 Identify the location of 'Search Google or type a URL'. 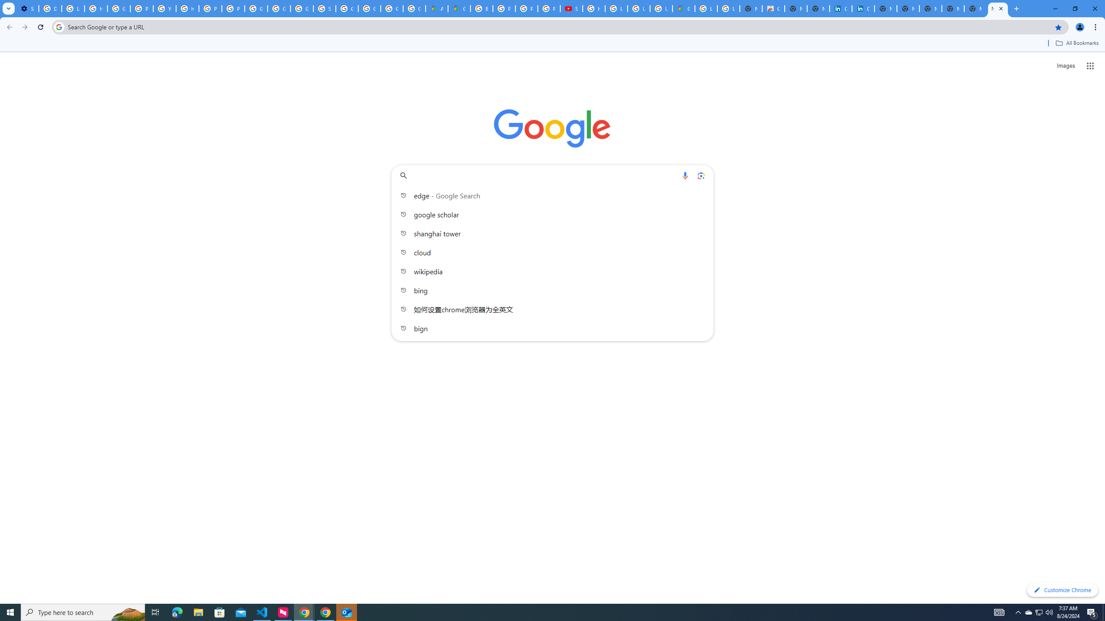
(552, 175).